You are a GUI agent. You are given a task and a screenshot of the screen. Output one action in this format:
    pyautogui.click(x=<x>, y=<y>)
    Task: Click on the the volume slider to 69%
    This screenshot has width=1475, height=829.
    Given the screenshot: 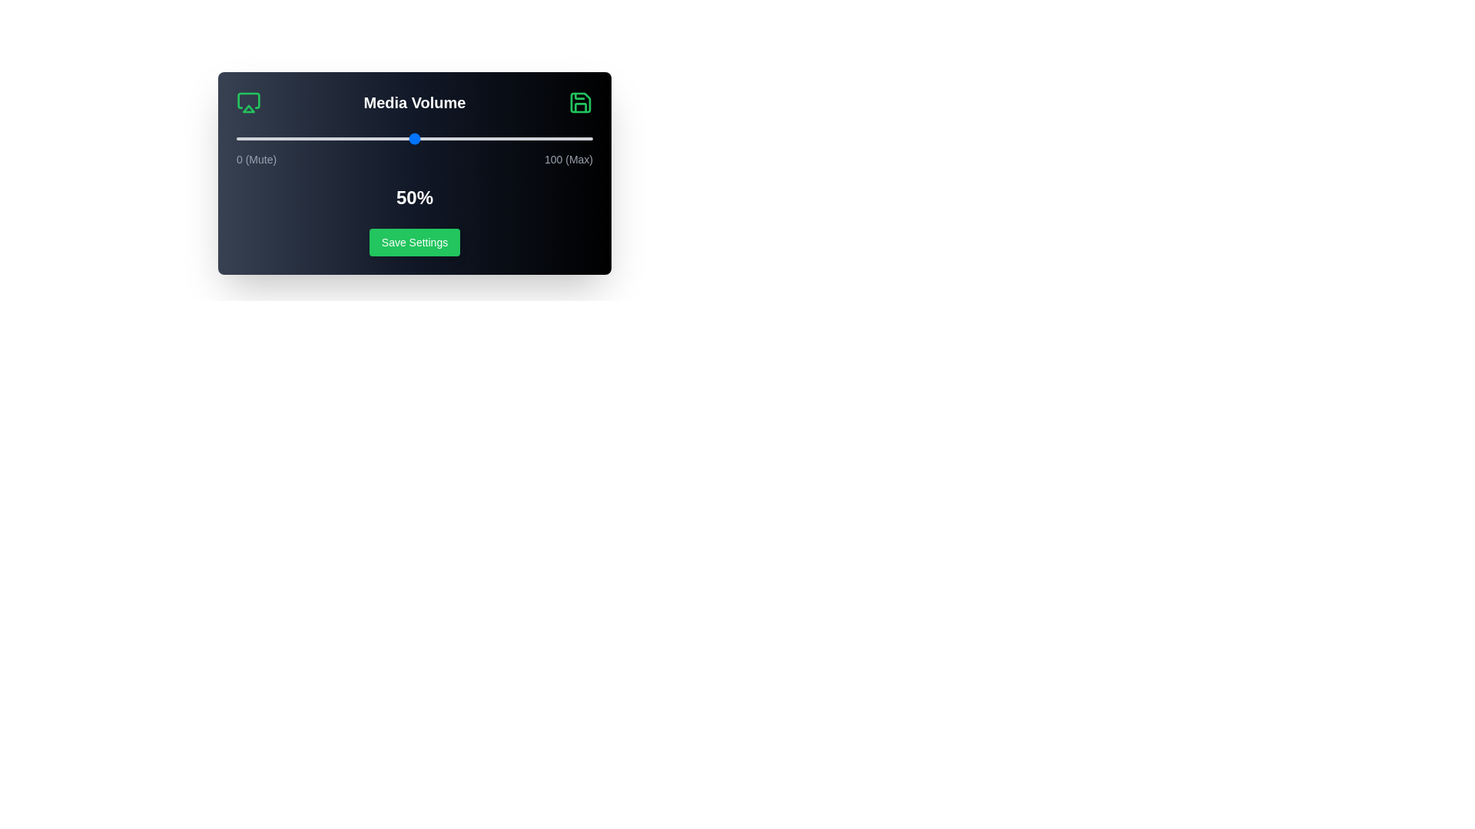 What is the action you would take?
    pyautogui.click(x=482, y=139)
    